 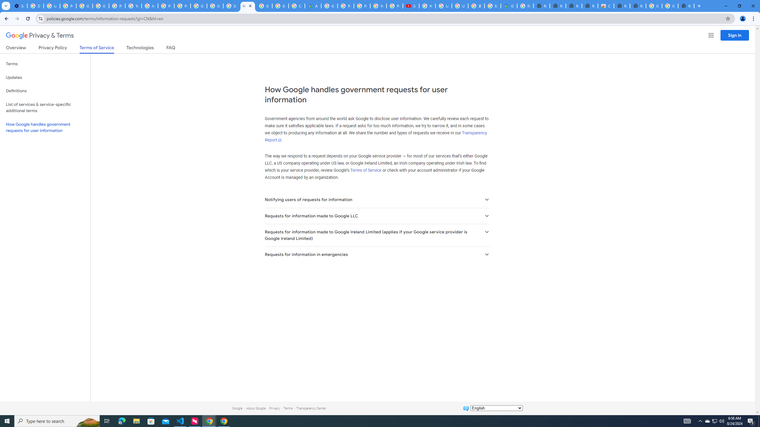 I want to click on 'Google Images', so click(x=653, y=6).